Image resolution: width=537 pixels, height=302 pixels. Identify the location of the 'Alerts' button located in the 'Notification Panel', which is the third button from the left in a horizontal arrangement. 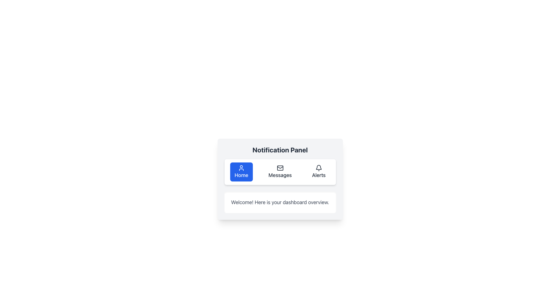
(319, 171).